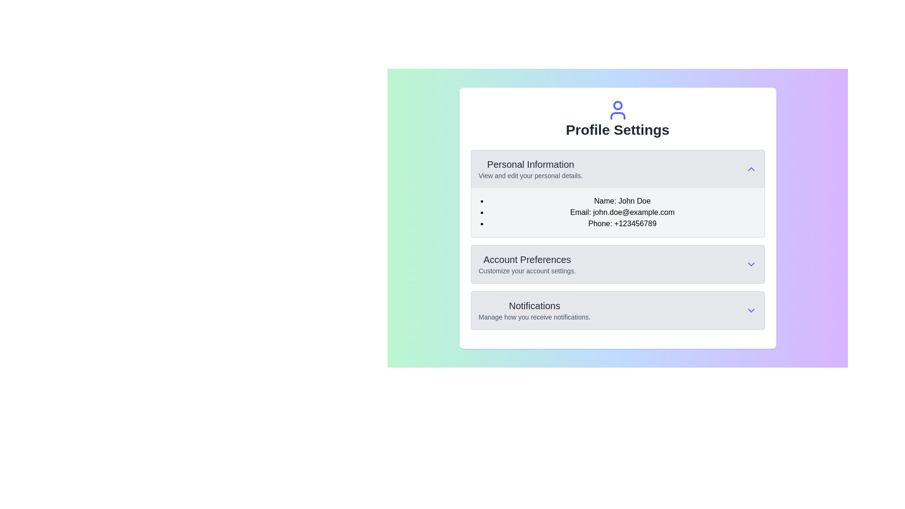 This screenshot has width=905, height=509. I want to click on the explanatory text located below the 'Account Preferences' title within the 'Profile Settings' section, so click(527, 271).